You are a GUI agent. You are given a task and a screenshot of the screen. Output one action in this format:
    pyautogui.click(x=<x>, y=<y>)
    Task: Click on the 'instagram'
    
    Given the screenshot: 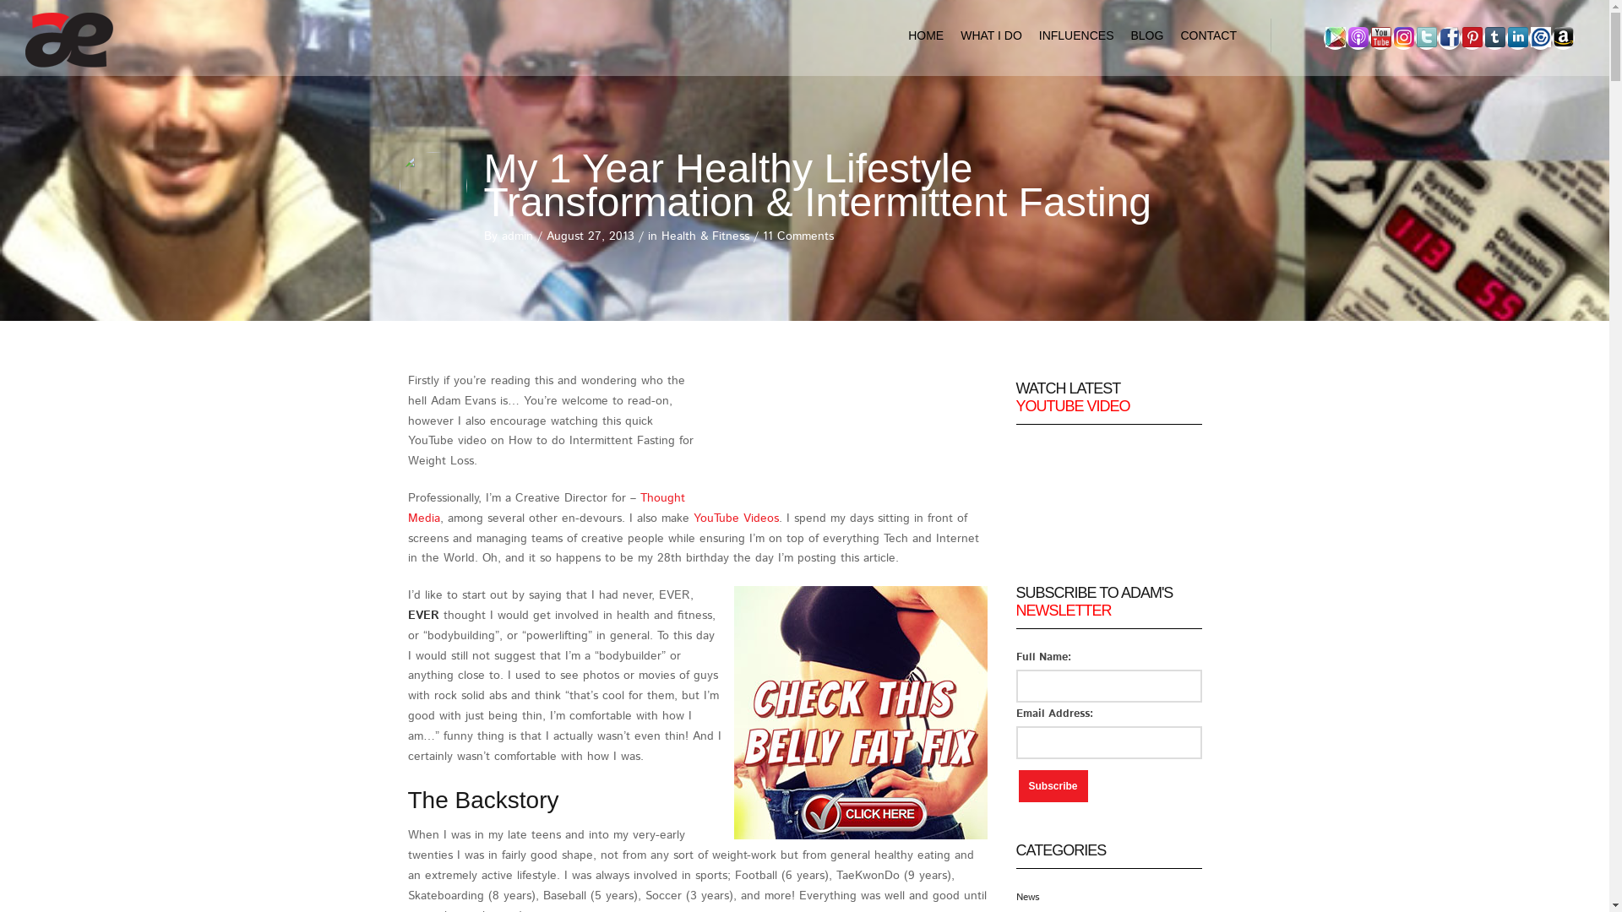 What is the action you would take?
    pyautogui.click(x=1403, y=38)
    